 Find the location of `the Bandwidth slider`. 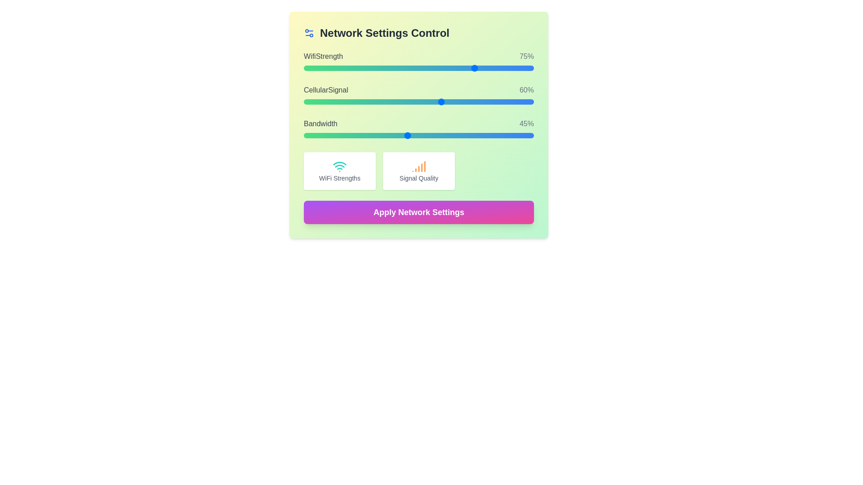

the Bandwidth slider is located at coordinates (513, 135).